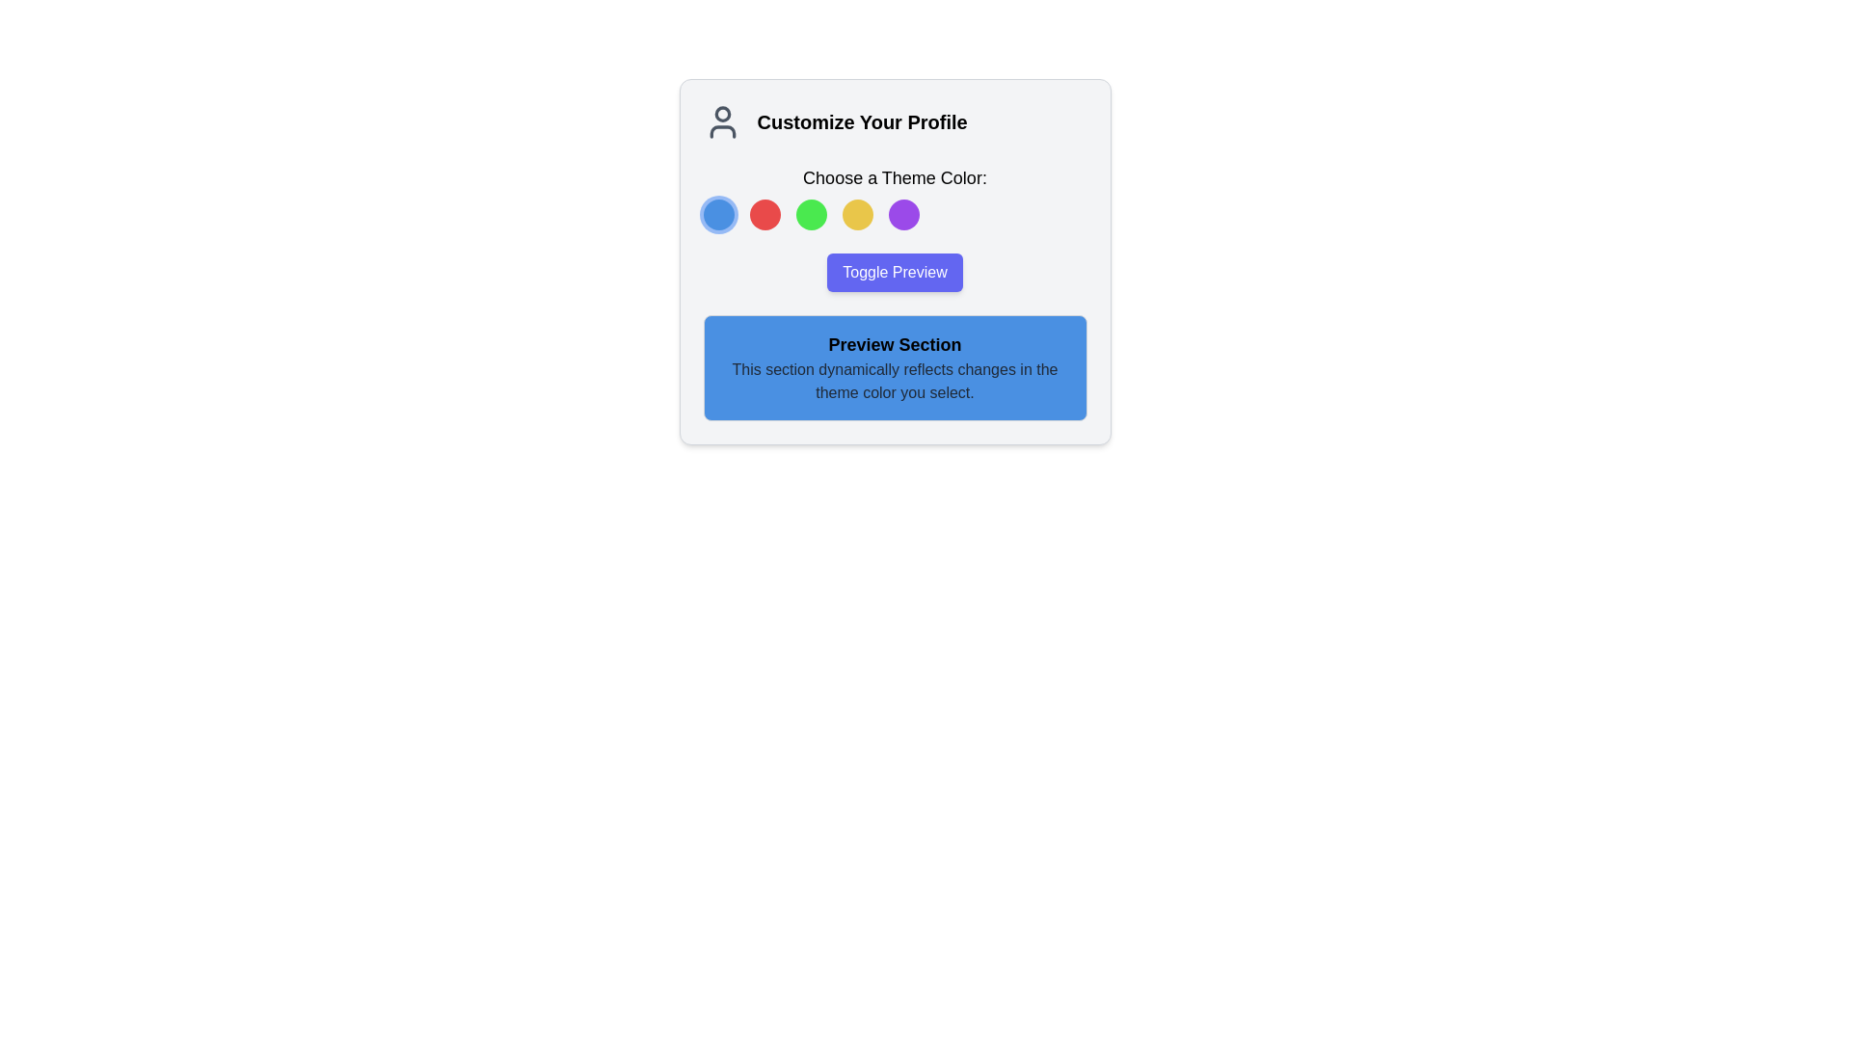  I want to click on the fifth circular button labeled 'Choose a Theme Color', so click(902, 215).